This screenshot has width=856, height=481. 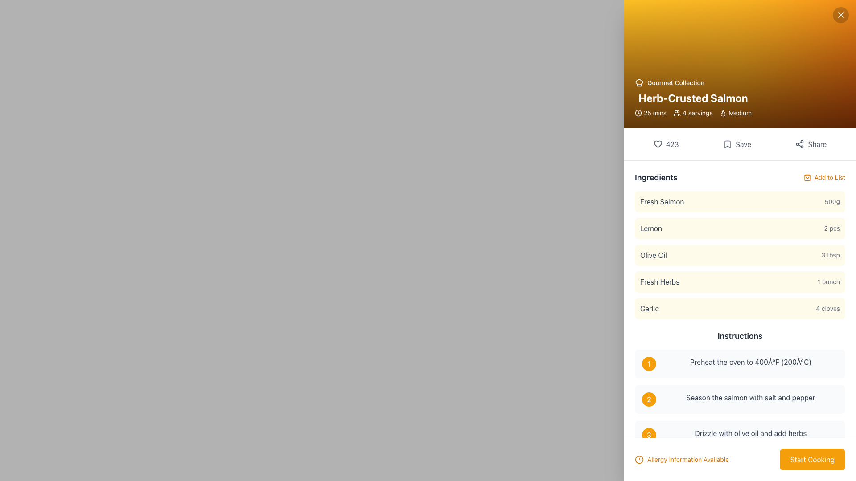 I want to click on second instruction in the cooking steps, which instructs to season salmon with salt and pepper, located in the 'Instructions' section of the interface, so click(x=740, y=399).